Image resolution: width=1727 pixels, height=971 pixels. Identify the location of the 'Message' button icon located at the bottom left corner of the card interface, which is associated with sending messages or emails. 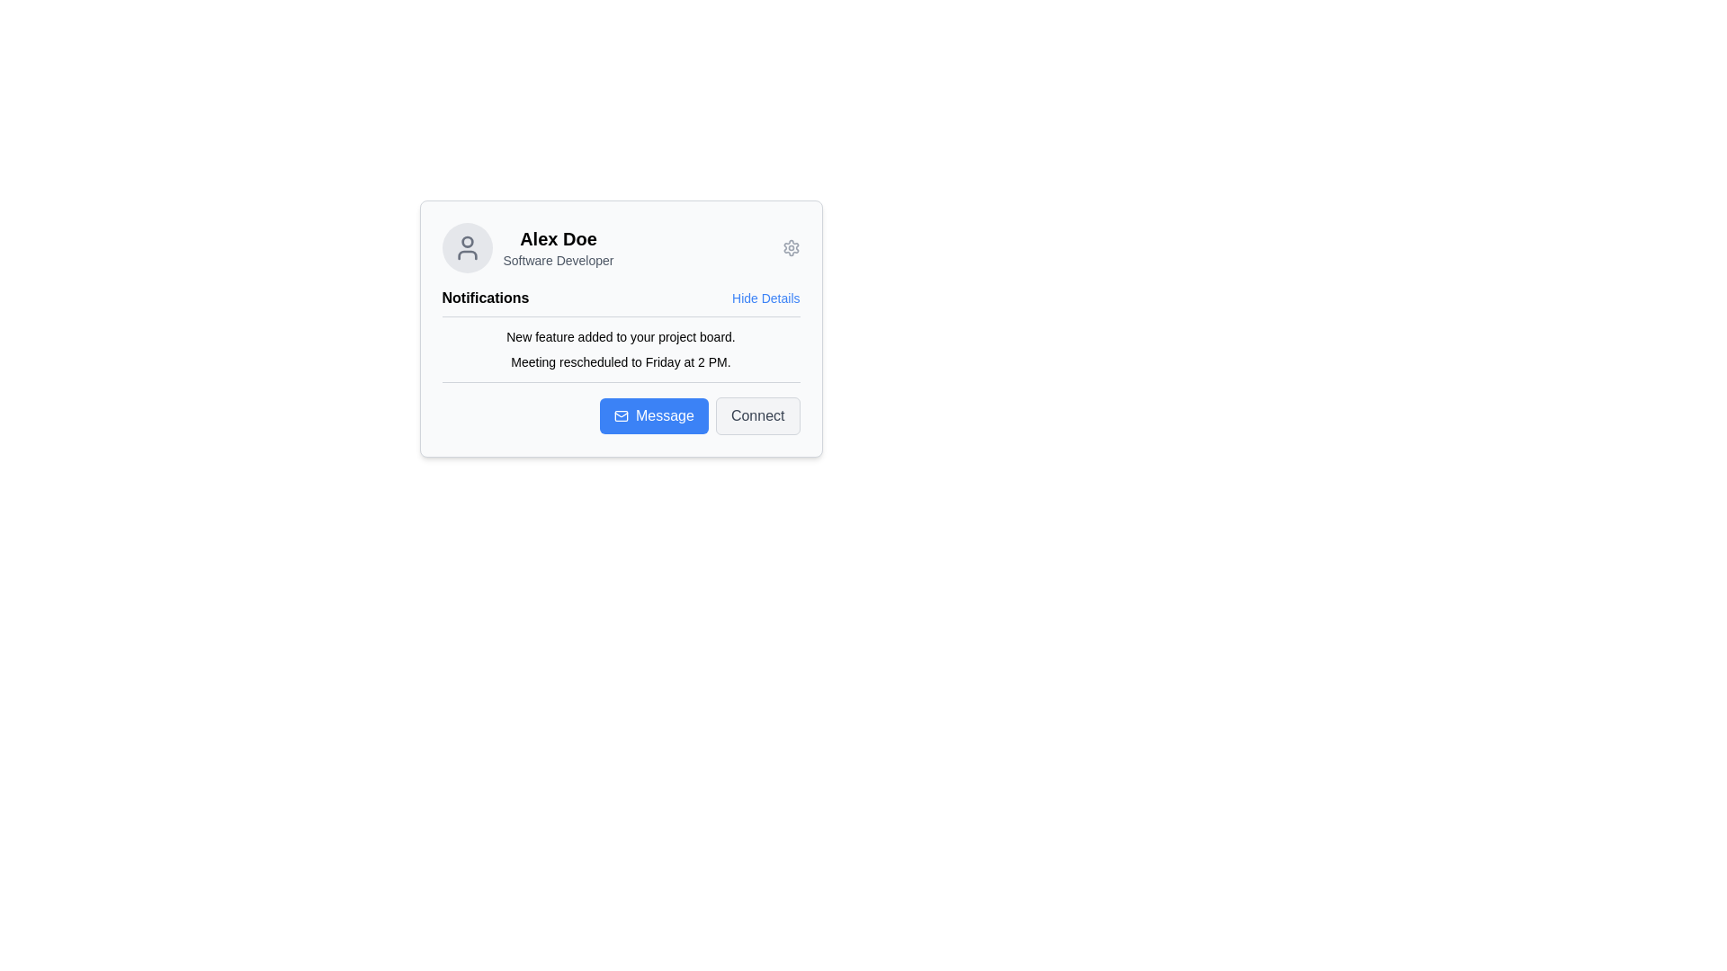
(622, 415).